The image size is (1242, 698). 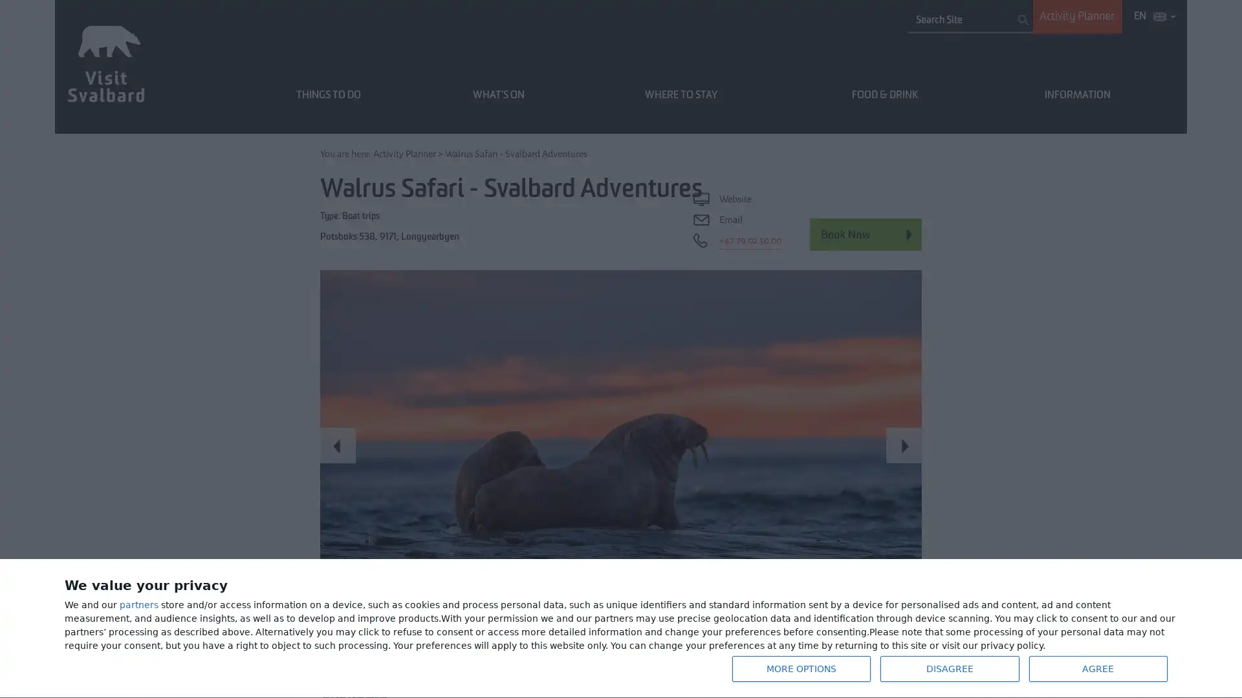 What do you see at coordinates (1097, 668) in the screenshot?
I see `AGREE` at bounding box center [1097, 668].